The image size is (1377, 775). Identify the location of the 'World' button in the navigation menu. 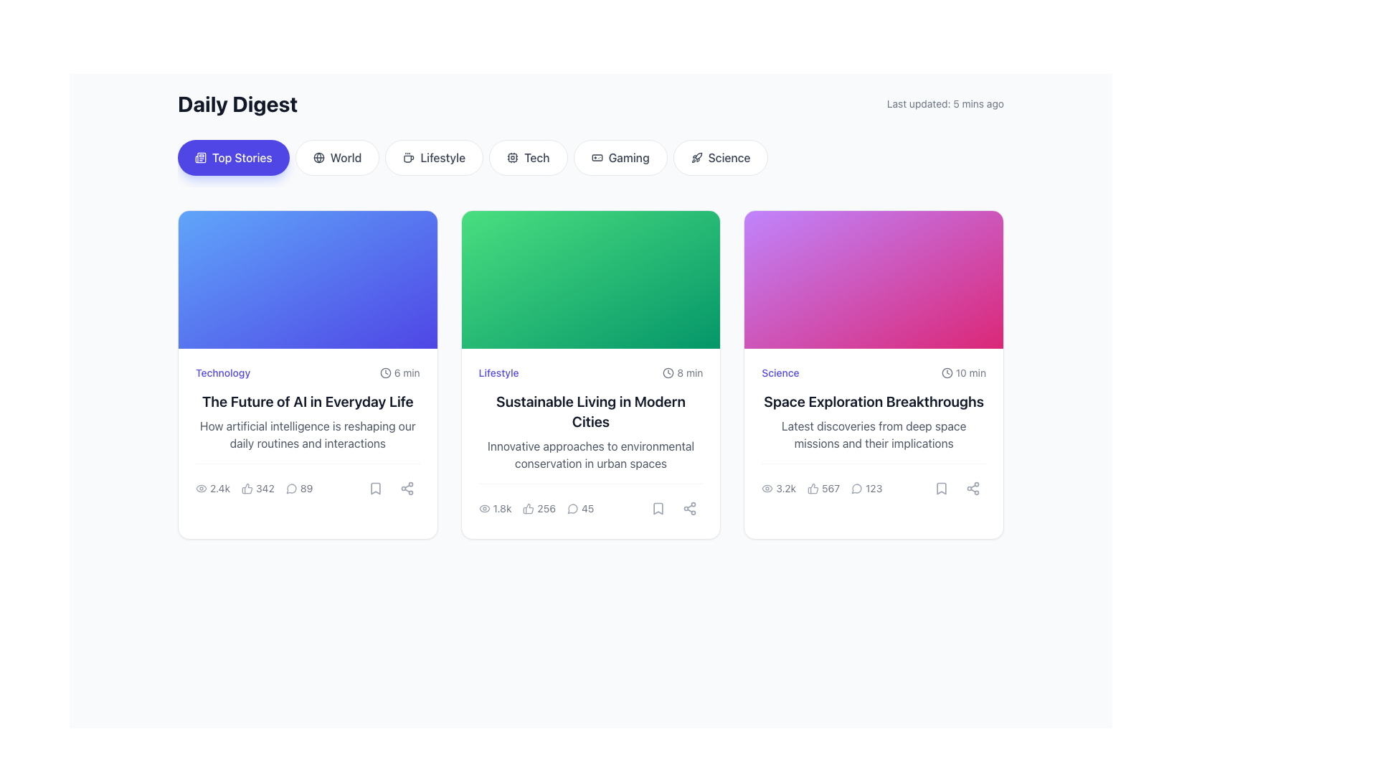
(318, 157).